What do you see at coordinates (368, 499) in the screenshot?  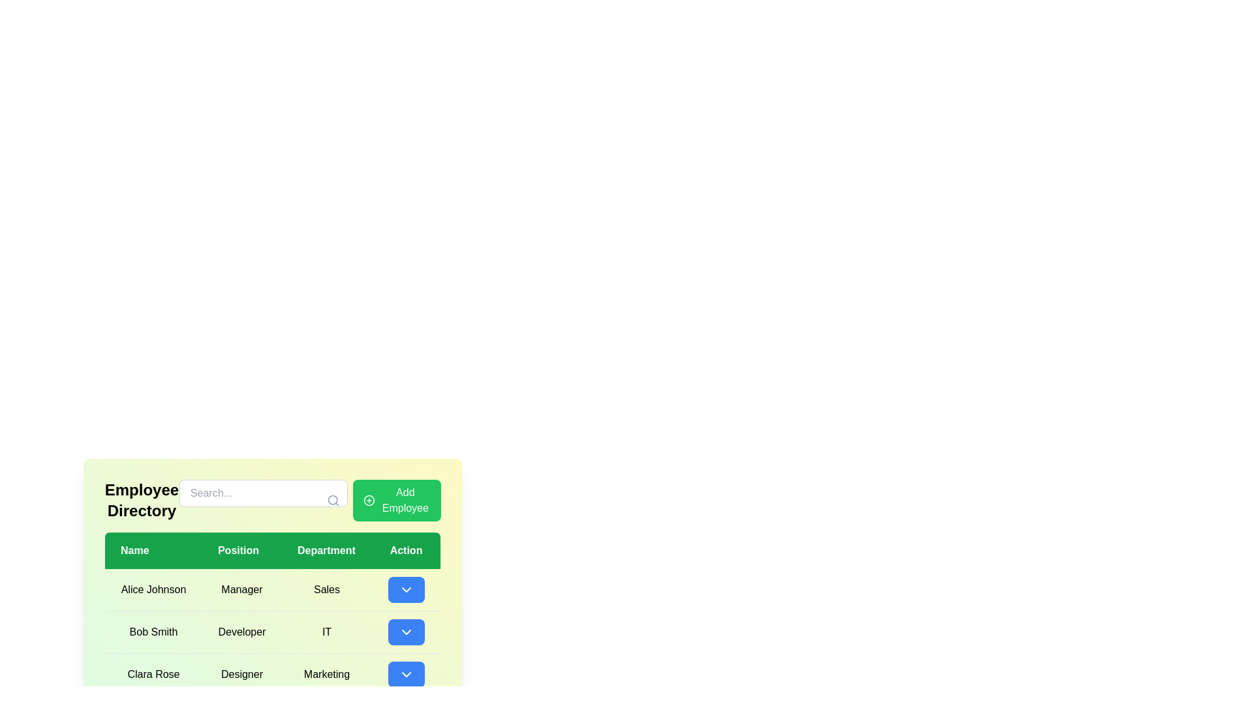 I see `the 'Add Employee' button, which is located in the upper right of the employee directory interface and includes an icon on its left side to indicate its purpose` at bounding box center [368, 499].